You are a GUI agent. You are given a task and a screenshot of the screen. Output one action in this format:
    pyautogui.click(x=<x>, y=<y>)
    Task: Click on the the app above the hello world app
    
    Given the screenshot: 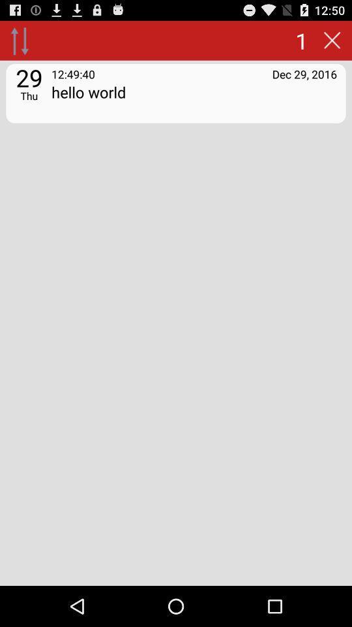 What is the action you would take?
    pyautogui.click(x=73, y=74)
    